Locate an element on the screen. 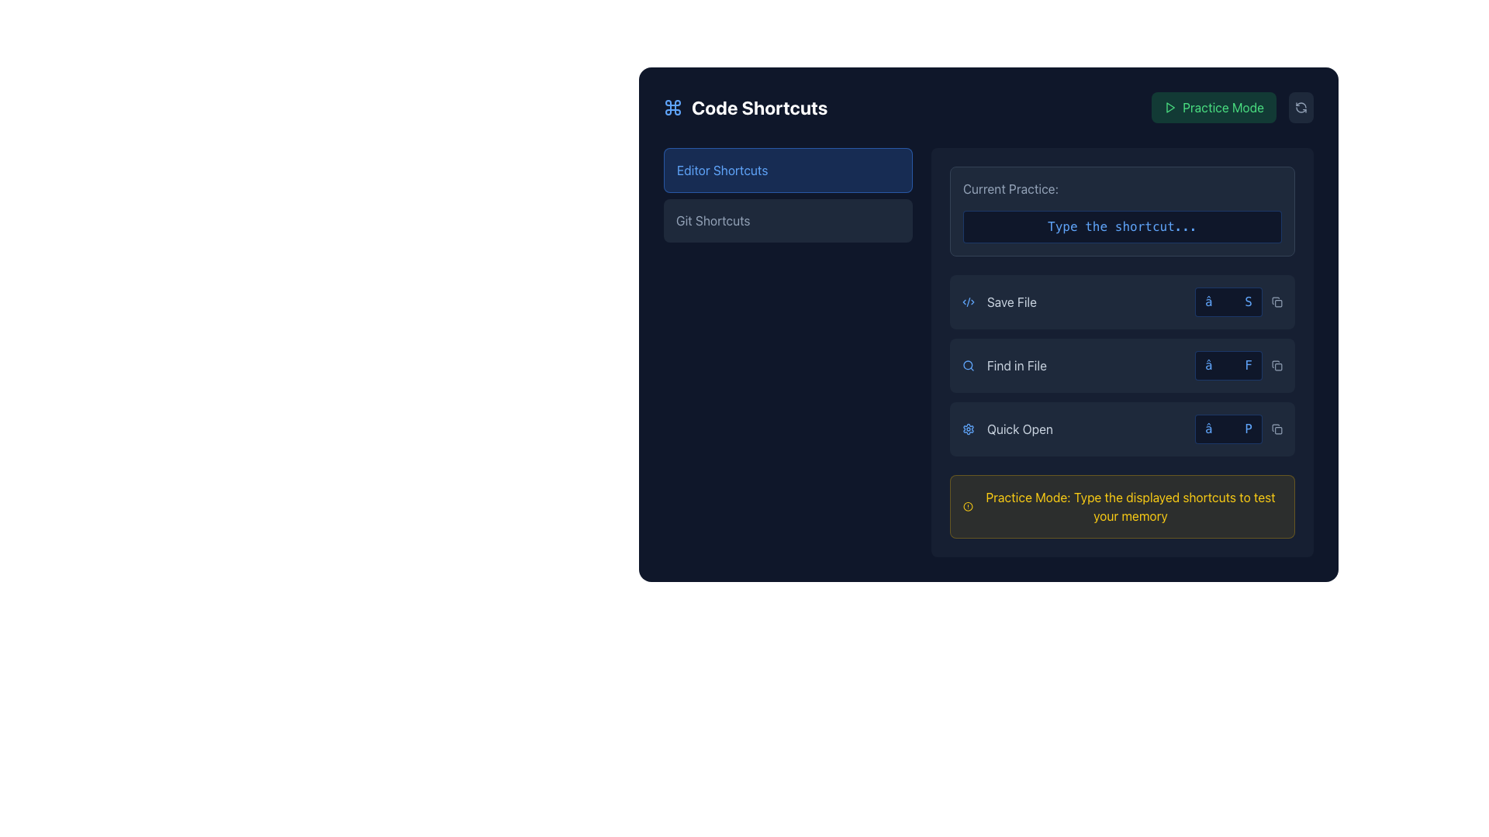 Image resolution: width=1489 pixels, height=837 pixels. the descriptive text label for the file search functionality, which is located between the 'Save File' and 'Quick Open' options in the list of shortcut commands is located at coordinates (1017, 365).